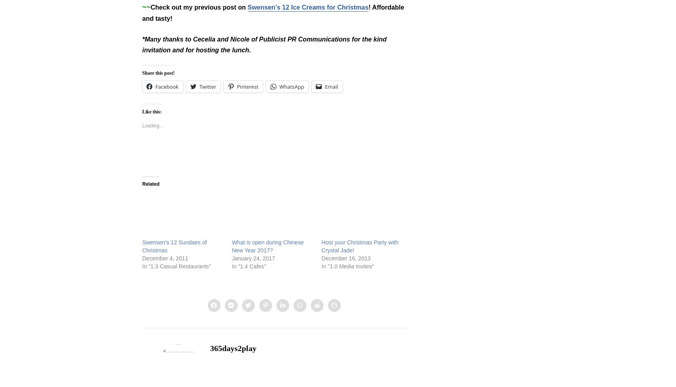  I want to click on '365days2play', so click(233, 347).